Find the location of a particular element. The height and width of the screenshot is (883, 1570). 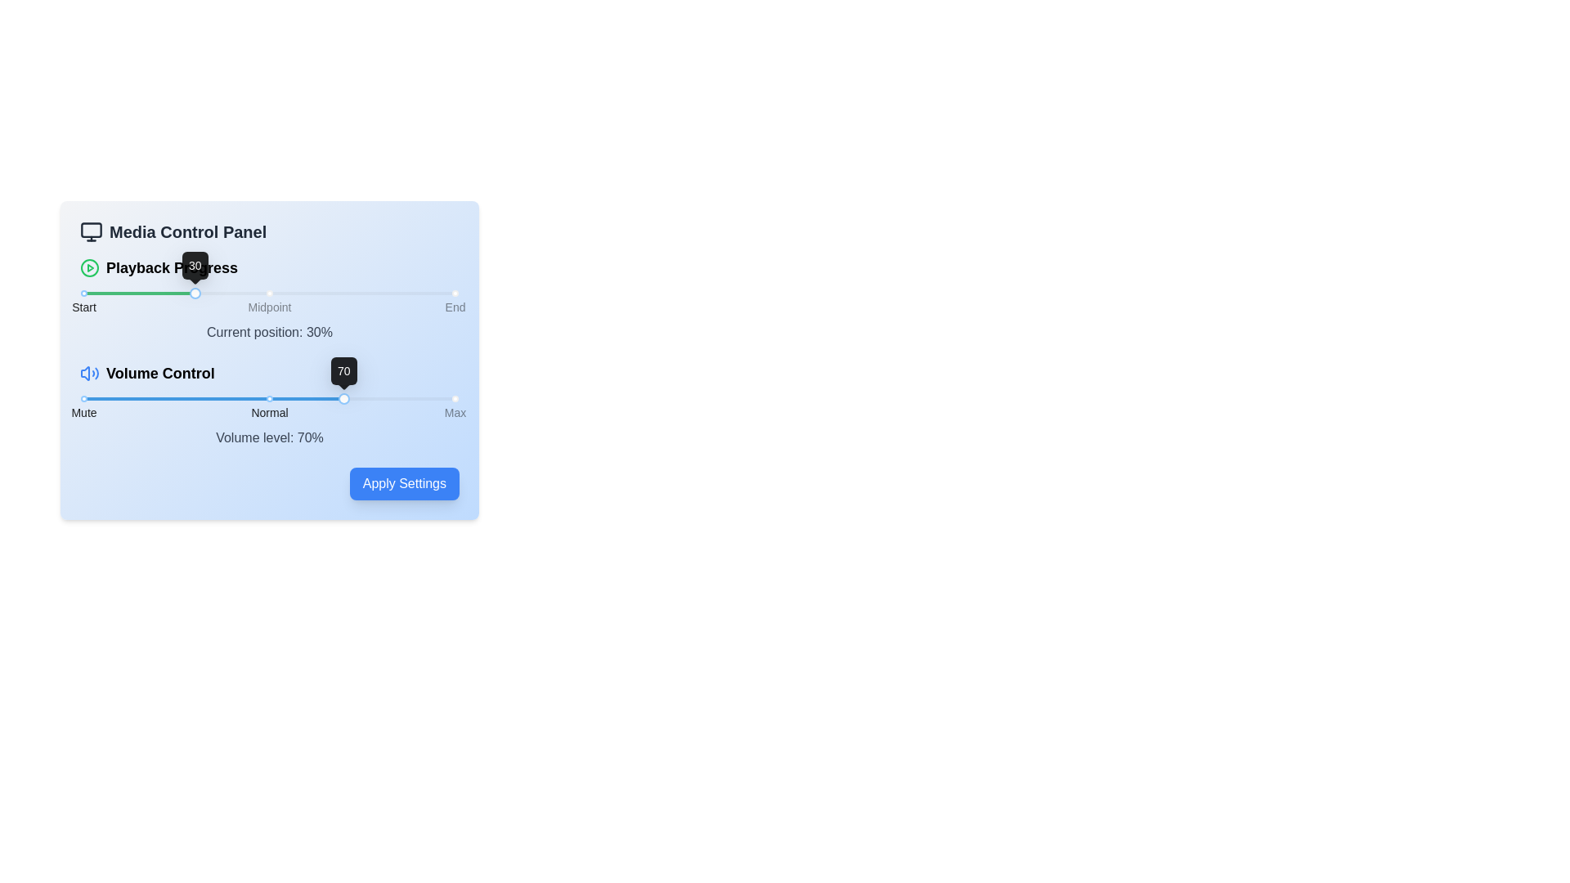

the playback position is located at coordinates (165, 293).